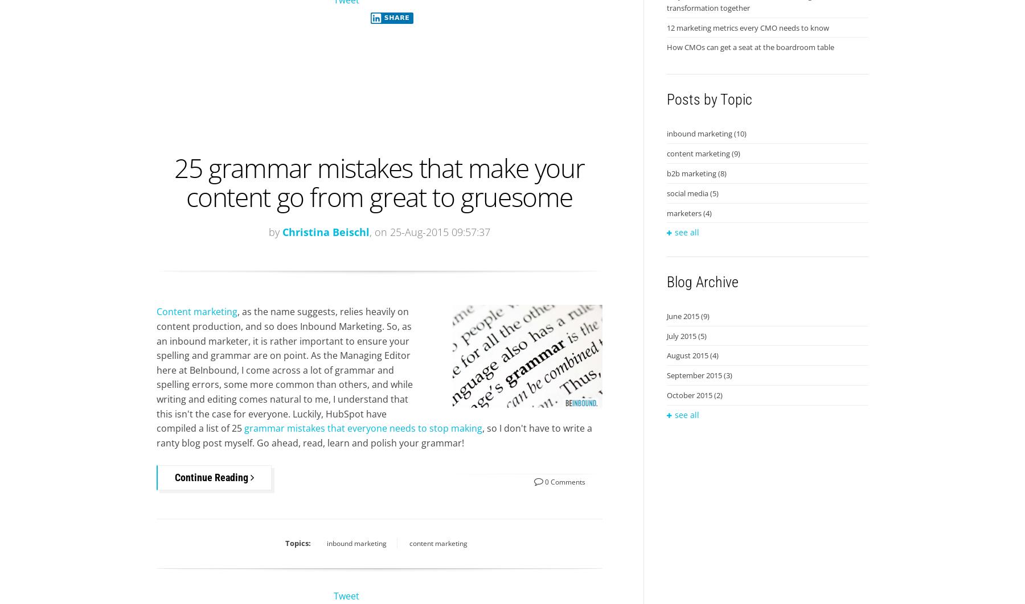 The image size is (1025, 604). I want to click on 'Topics:', so click(284, 541).